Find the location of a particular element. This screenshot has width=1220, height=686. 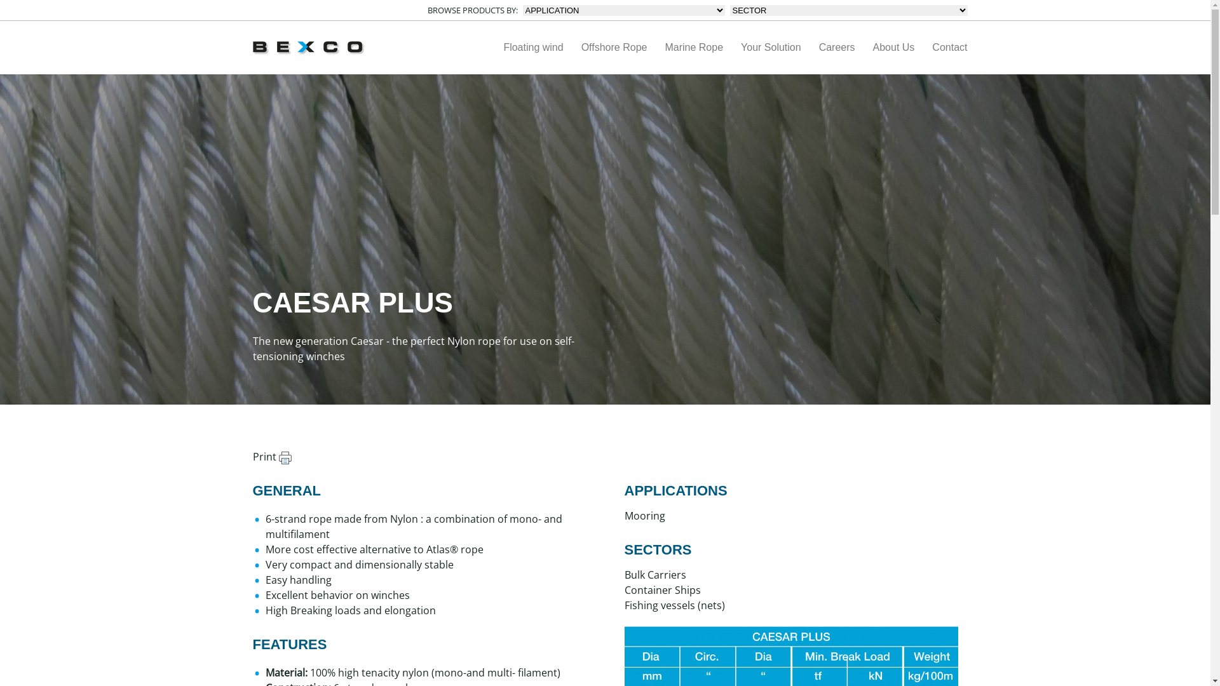

'Careers' is located at coordinates (837, 46).